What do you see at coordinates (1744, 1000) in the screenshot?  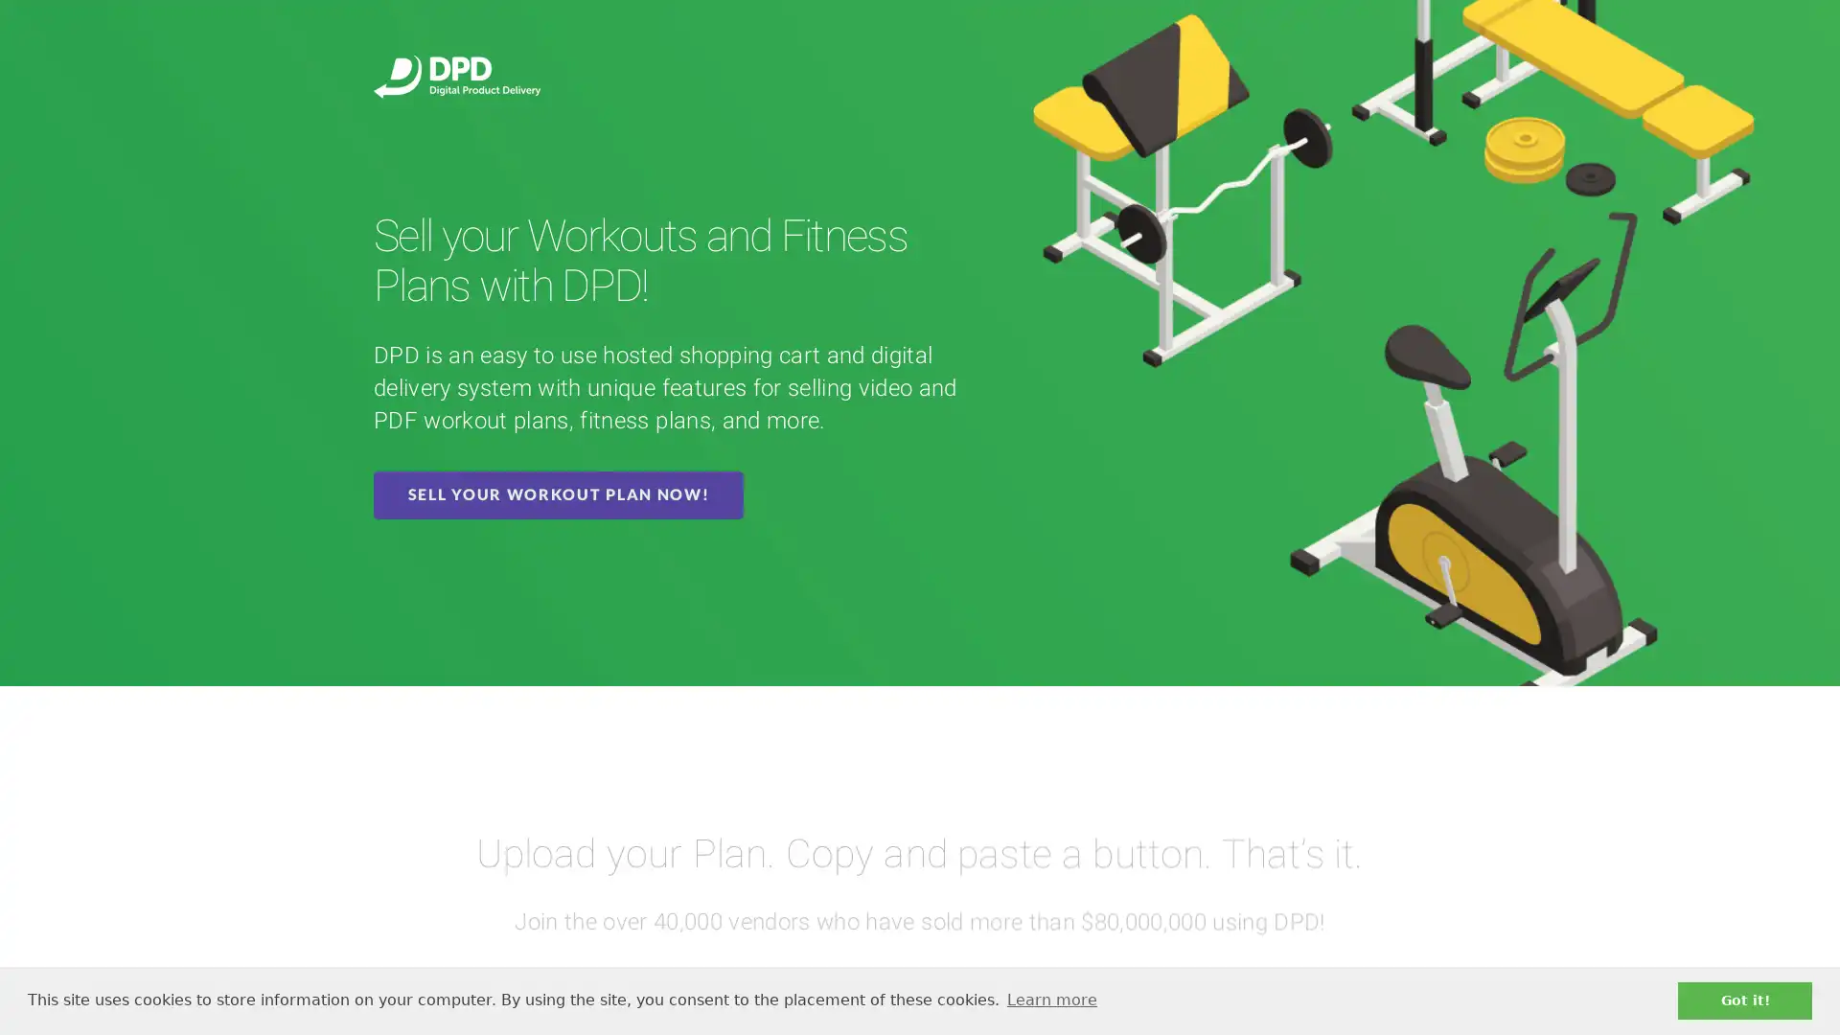 I see `dismiss cookie message` at bounding box center [1744, 1000].